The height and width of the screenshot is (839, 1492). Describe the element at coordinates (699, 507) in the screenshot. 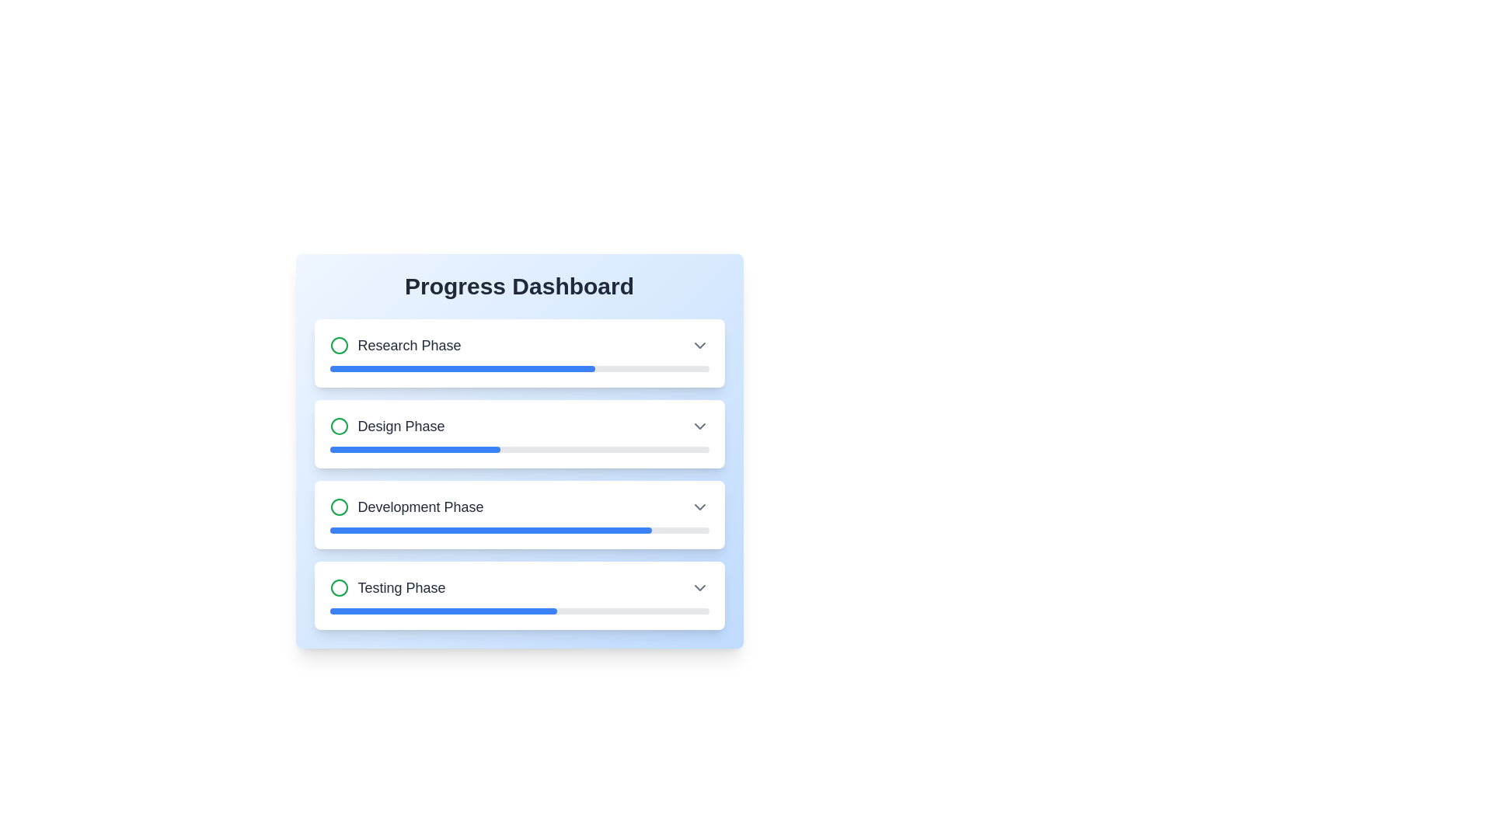

I see `the downward-facing chevron icon of the Dropdown toggle button located at the far right of the 'Development Phase' section header to trigger stylistic changes` at that location.